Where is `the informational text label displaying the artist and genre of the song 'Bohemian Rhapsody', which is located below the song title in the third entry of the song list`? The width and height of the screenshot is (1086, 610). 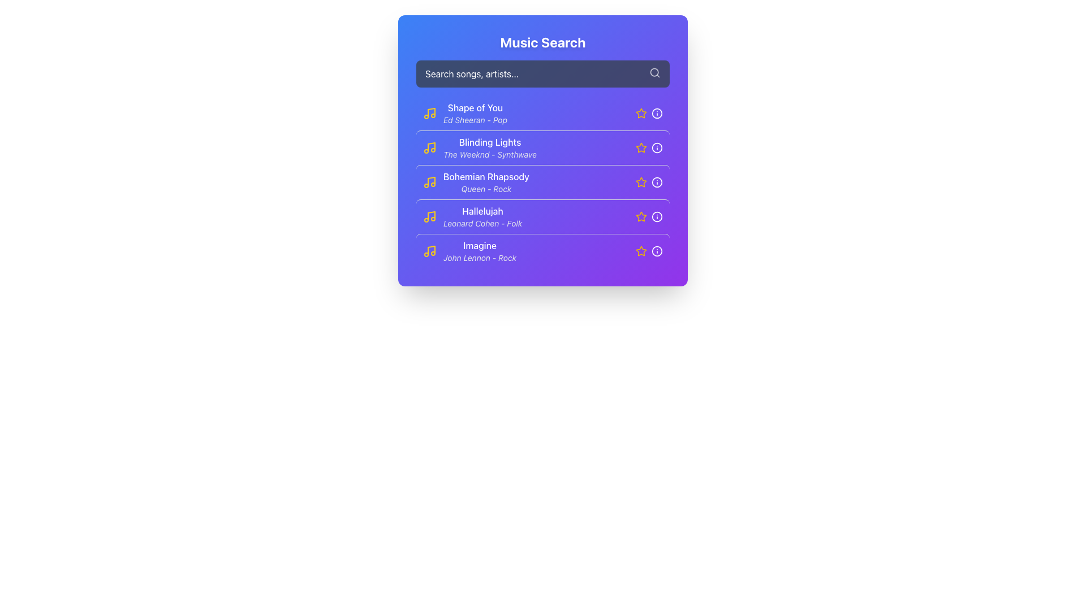 the informational text label displaying the artist and genre of the song 'Bohemian Rhapsody', which is located below the song title in the third entry of the song list is located at coordinates (486, 189).